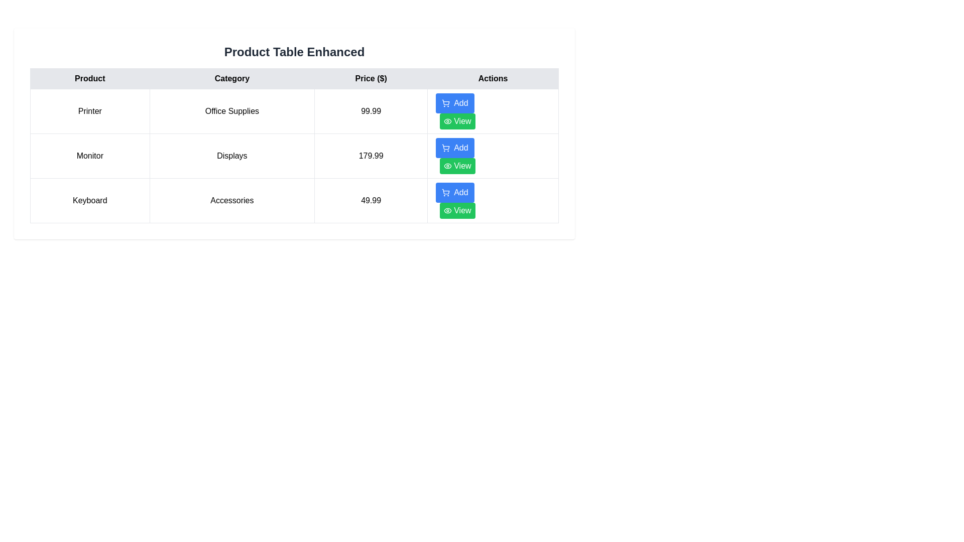 The image size is (964, 542). What do you see at coordinates (371, 156) in the screenshot?
I see `the static text element displaying the price of the 'Monitor' product, located in the third column of the table under the 'Price ($)' header` at bounding box center [371, 156].